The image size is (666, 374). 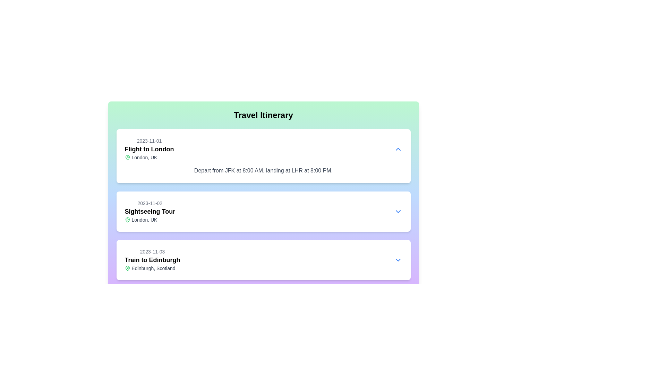 What do you see at coordinates (398, 149) in the screenshot?
I see `the button in the top-right corner` at bounding box center [398, 149].